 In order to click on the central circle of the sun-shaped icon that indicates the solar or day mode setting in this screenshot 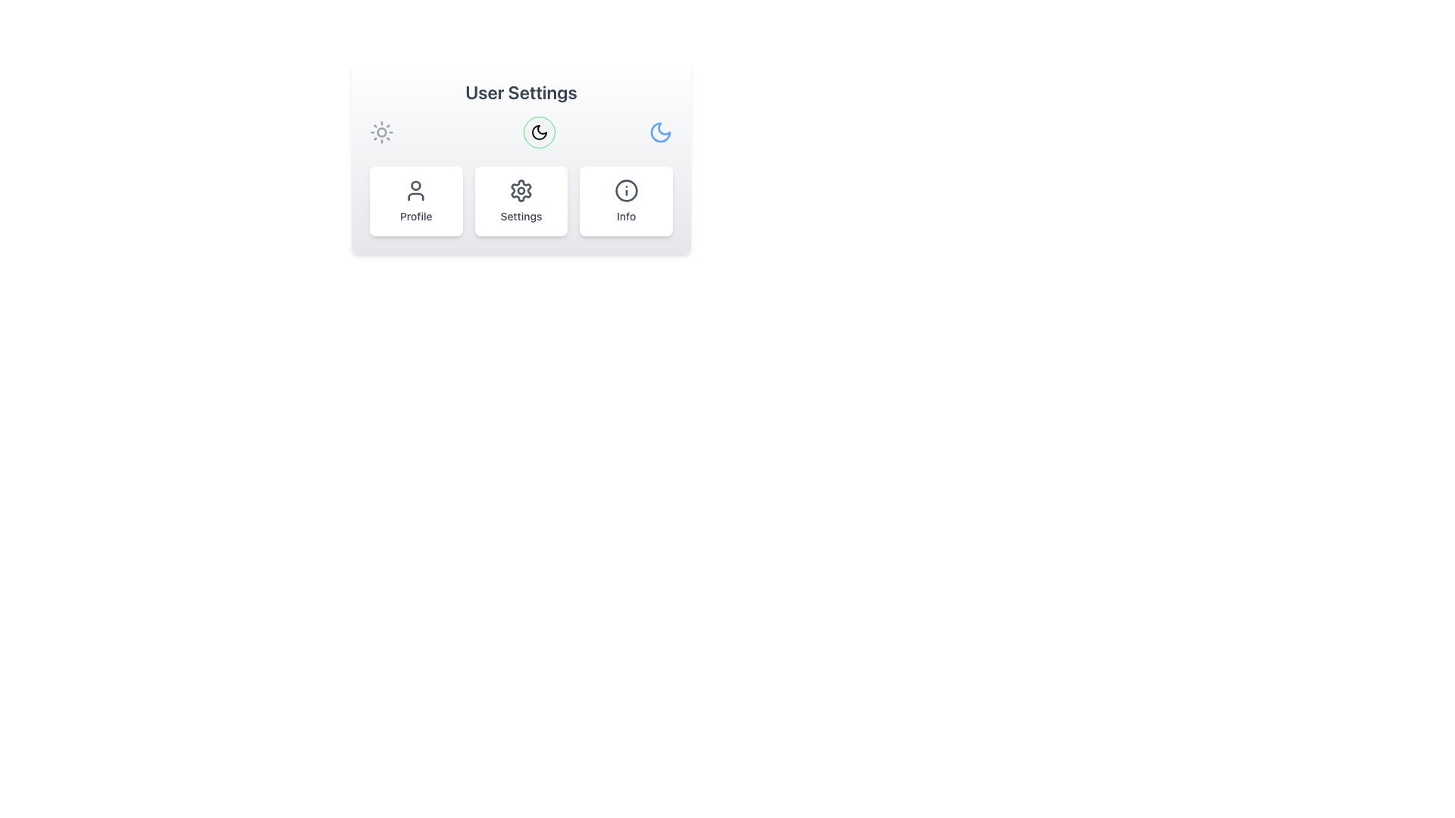, I will do `click(382, 131)`.